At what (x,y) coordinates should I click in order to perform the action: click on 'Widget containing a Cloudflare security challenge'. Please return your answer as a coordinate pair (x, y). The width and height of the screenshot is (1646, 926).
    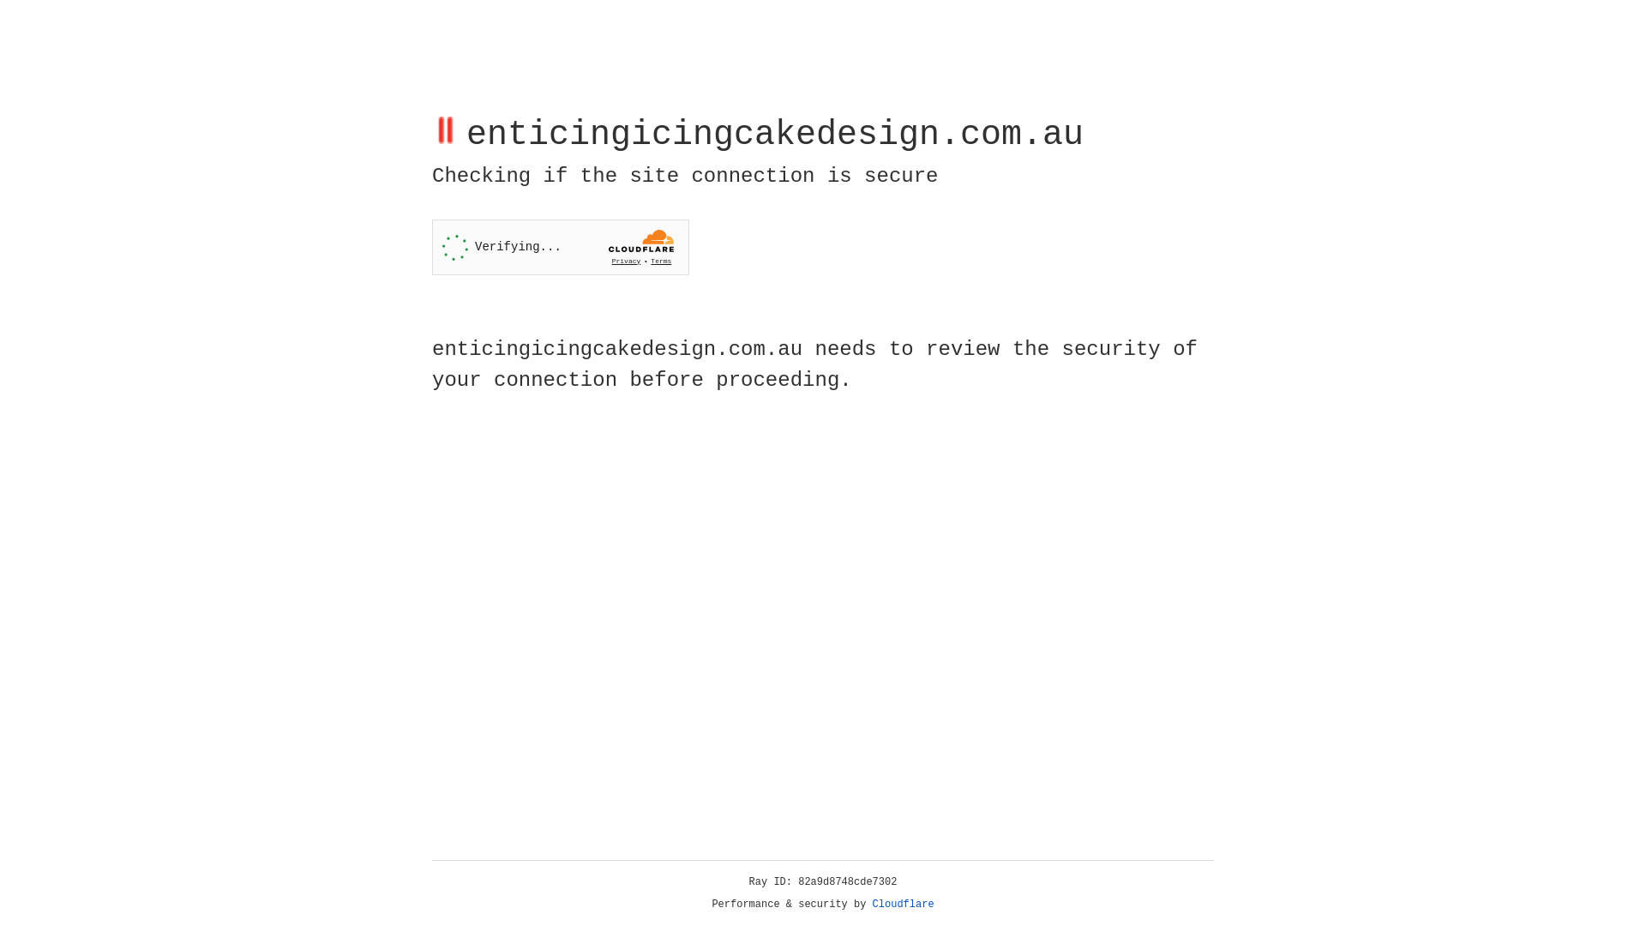
    Looking at the image, I should click on (560, 247).